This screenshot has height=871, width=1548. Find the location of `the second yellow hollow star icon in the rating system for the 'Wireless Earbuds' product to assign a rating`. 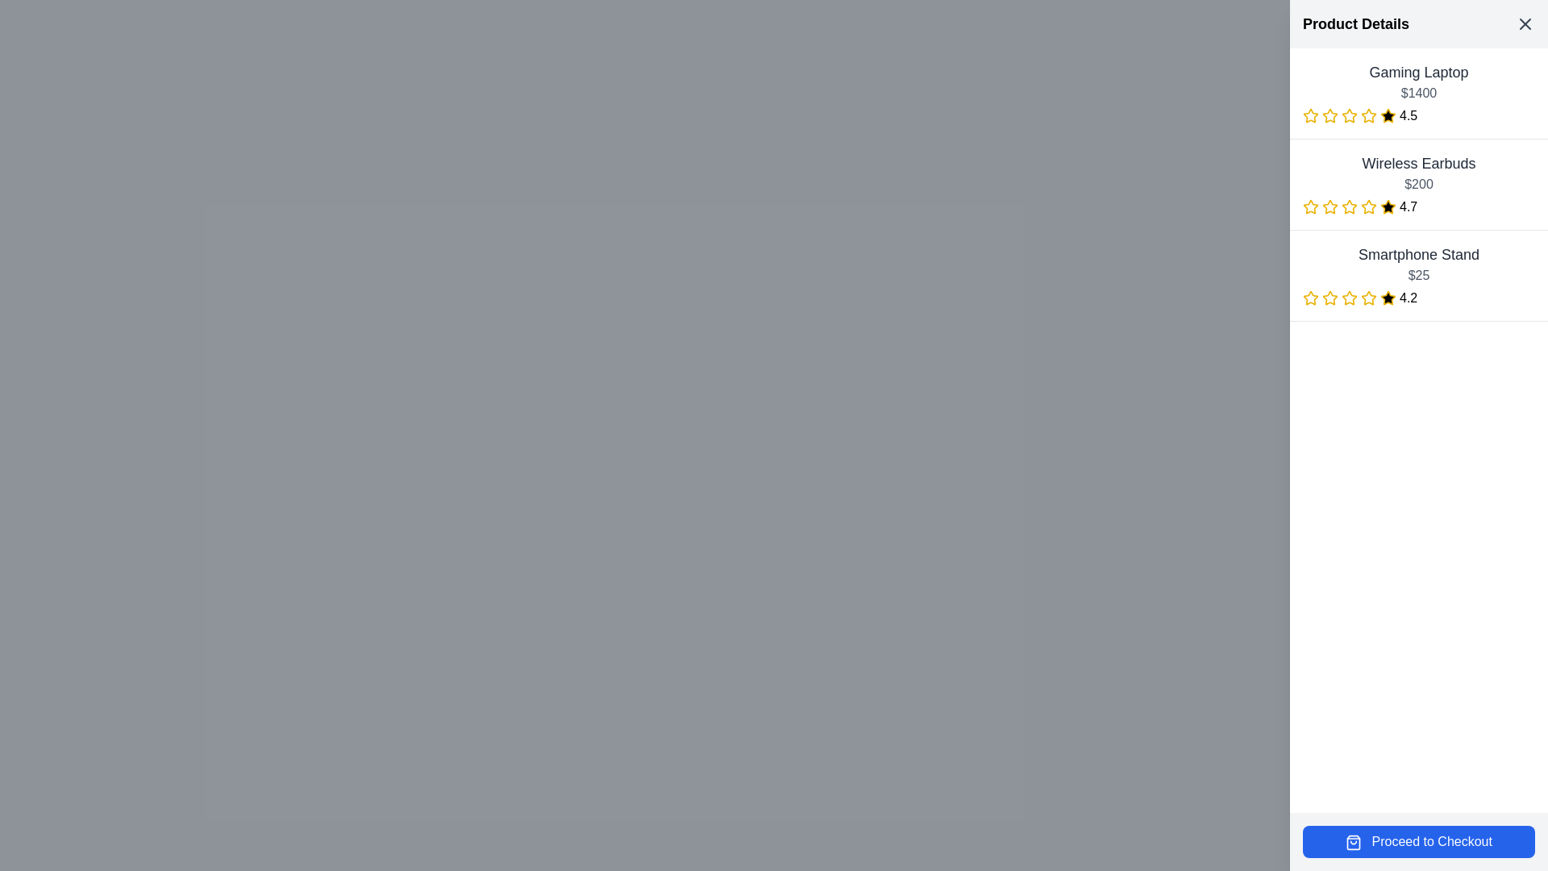

the second yellow hollow star icon in the rating system for the 'Wireless Earbuds' product to assign a rating is located at coordinates (1330, 205).